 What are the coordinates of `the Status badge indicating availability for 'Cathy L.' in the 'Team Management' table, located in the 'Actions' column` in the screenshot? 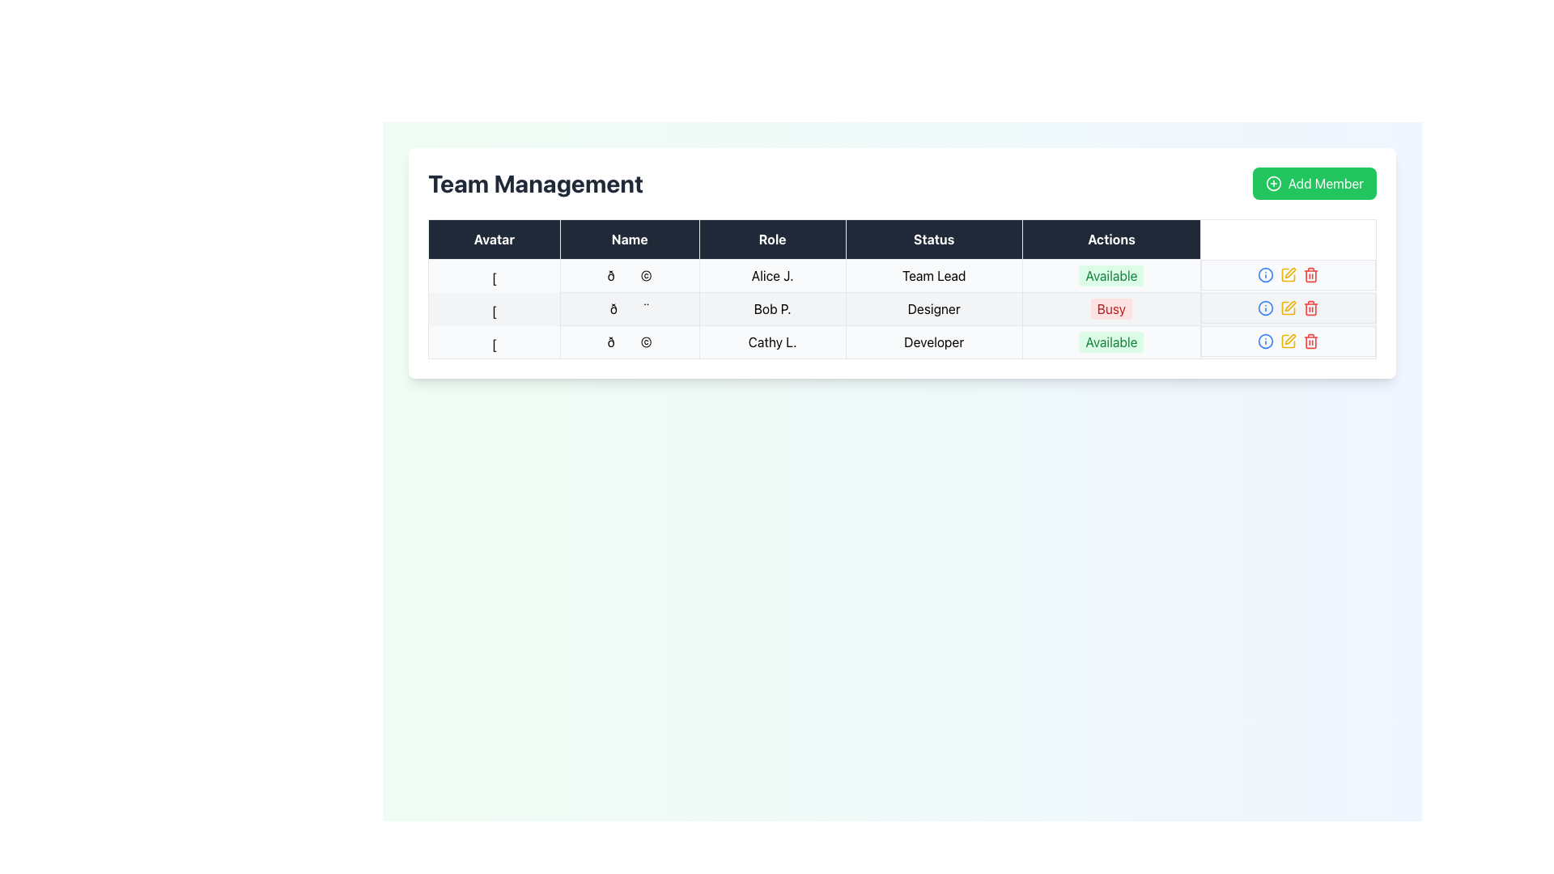 It's located at (1110, 342).